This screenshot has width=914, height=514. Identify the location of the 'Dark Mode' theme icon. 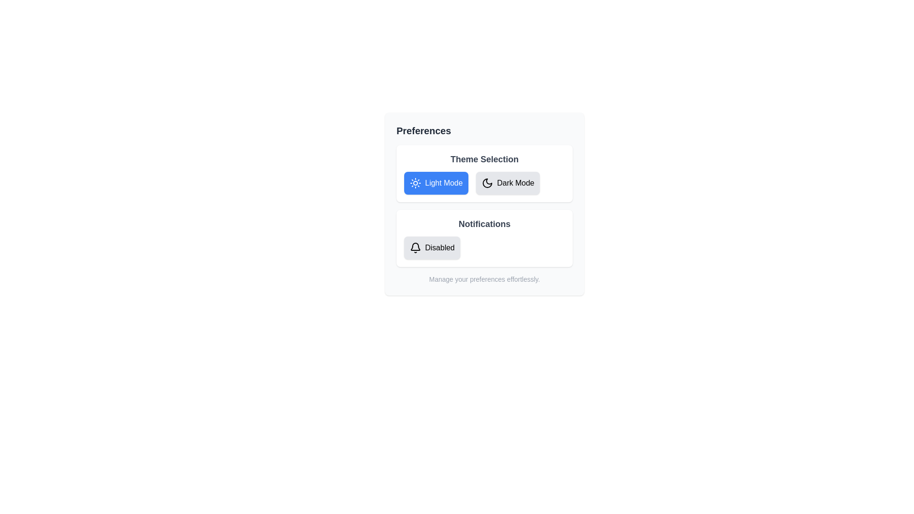
(487, 183).